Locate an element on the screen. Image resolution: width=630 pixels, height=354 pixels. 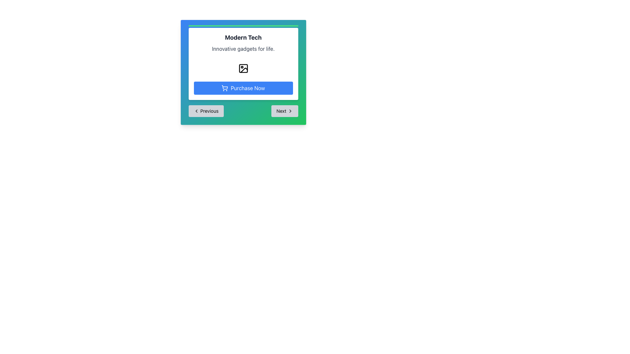
the rectangular blue button labeled 'Purchase Now' with a shopping cart icon to initiate the purchase is located at coordinates (243, 88).